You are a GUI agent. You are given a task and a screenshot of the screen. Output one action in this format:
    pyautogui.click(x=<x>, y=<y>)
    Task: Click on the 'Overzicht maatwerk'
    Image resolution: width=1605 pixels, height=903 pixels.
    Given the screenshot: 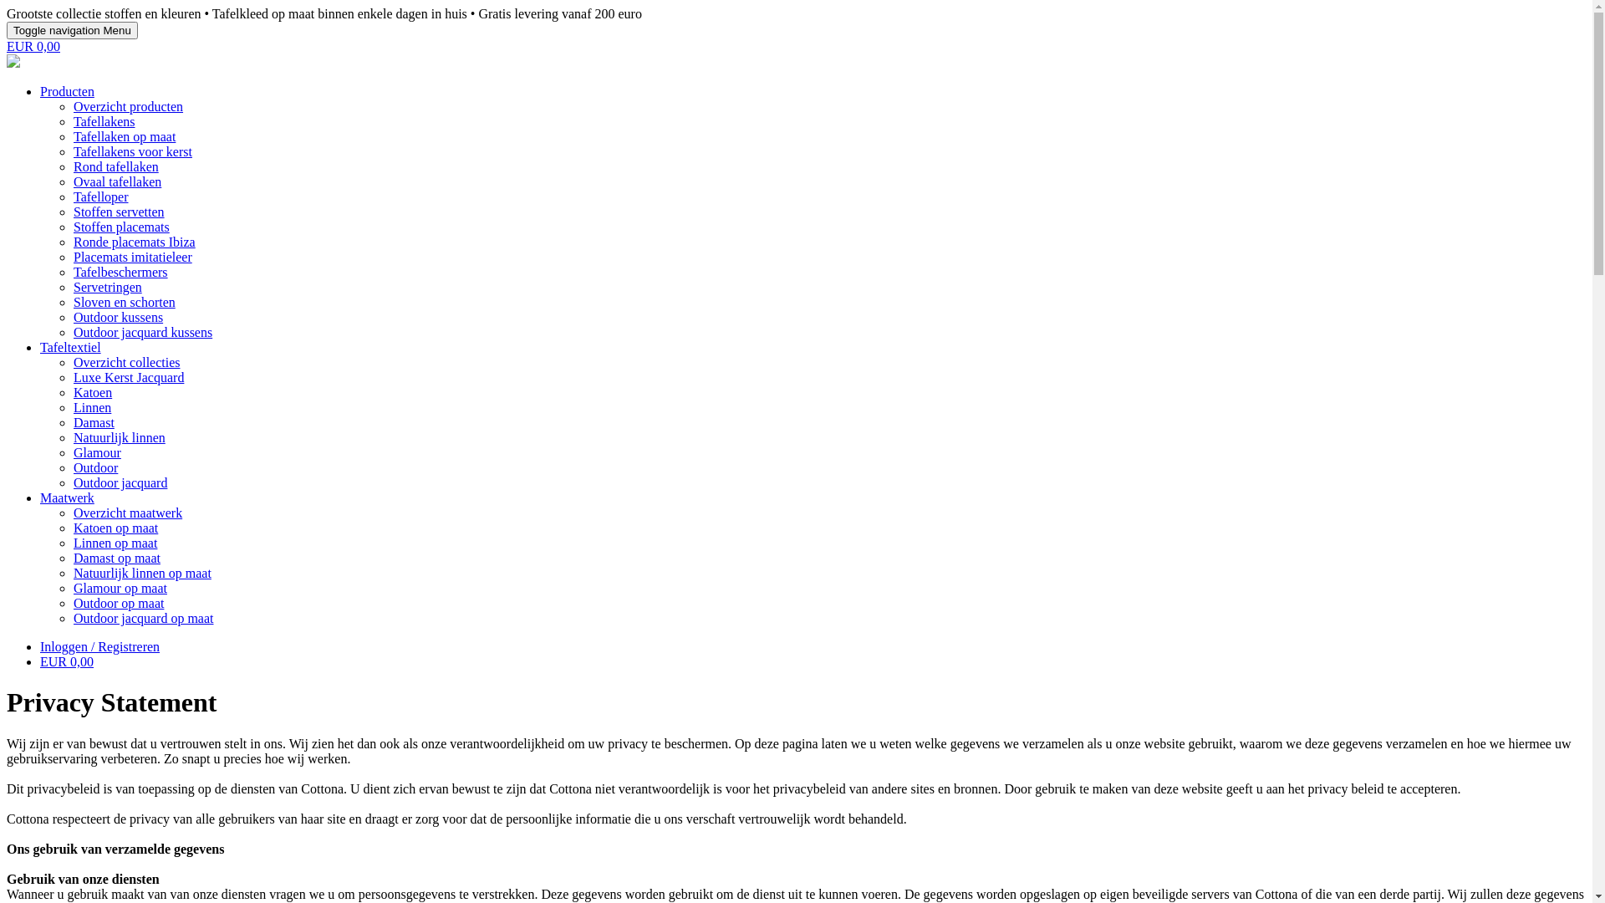 What is the action you would take?
    pyautogui.click(x=127, y=512)
    